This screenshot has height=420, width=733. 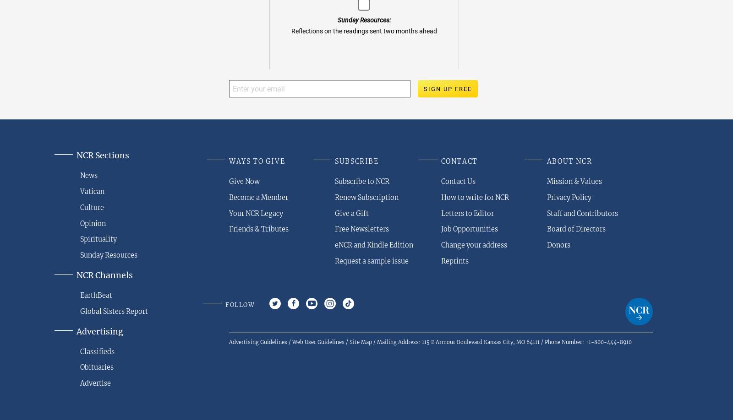 What do you see at coordinates (97, 367) in the screenshot?
I see `'Obituaries'` at bounding box center [97, 367].